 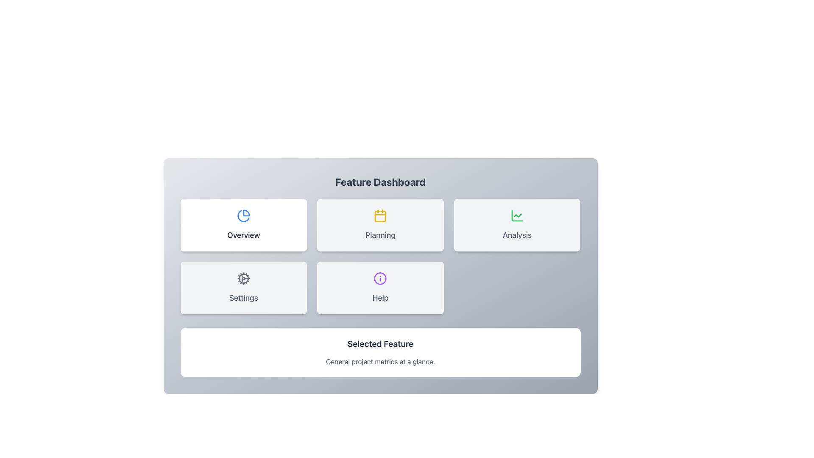 I want to click on the text label that serves as the title or headline for the section describing the feature or context, positioned above the description text 'General project metrics at a glance.', so click(x=380, y=343).